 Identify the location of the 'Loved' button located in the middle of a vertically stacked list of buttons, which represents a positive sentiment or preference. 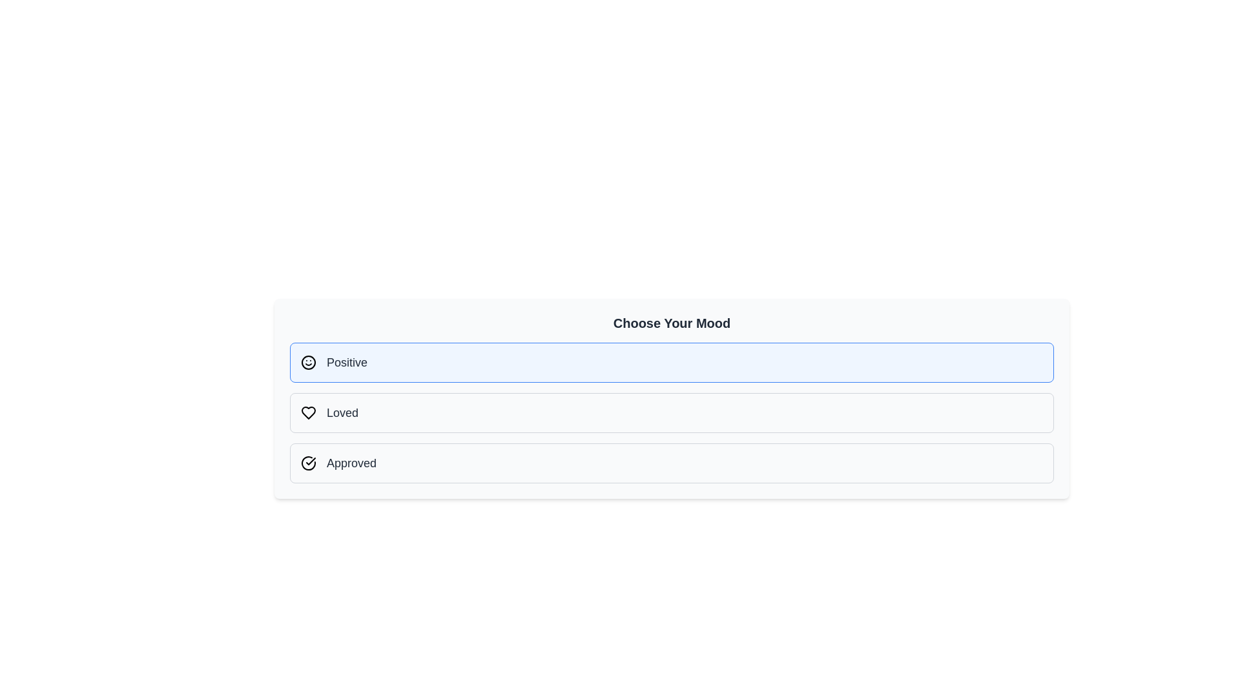
(672, 413).